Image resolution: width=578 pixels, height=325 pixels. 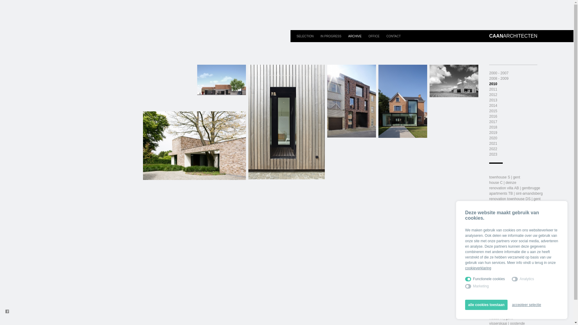 I want to click on '2019', so click(x=493, y=132).